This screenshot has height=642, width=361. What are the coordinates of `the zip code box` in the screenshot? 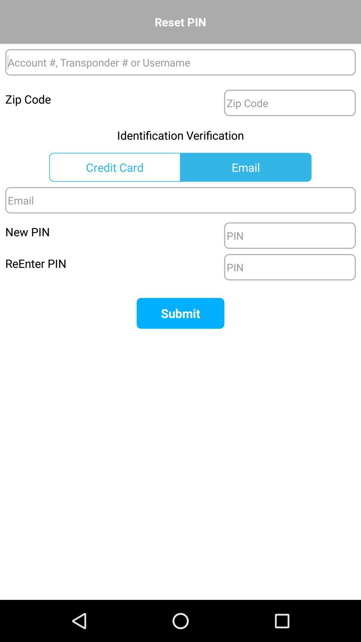 It's located at (289, 102).